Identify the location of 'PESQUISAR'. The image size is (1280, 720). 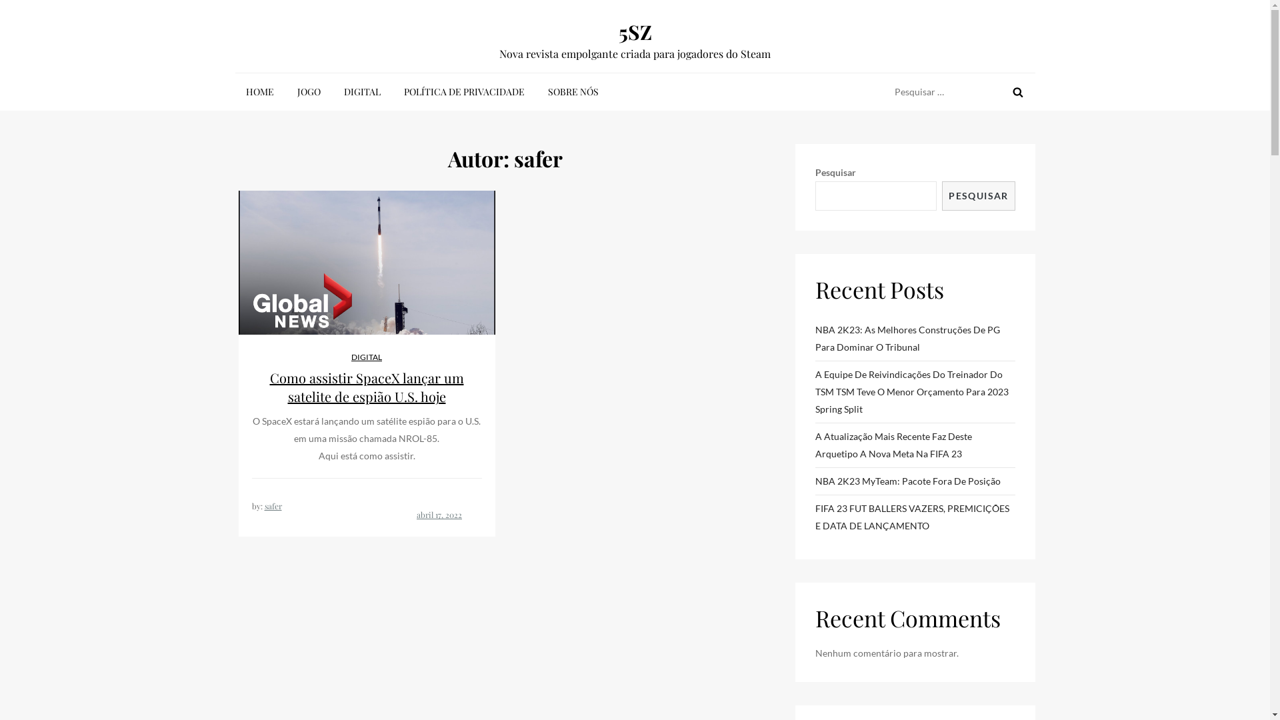
(978, 195).